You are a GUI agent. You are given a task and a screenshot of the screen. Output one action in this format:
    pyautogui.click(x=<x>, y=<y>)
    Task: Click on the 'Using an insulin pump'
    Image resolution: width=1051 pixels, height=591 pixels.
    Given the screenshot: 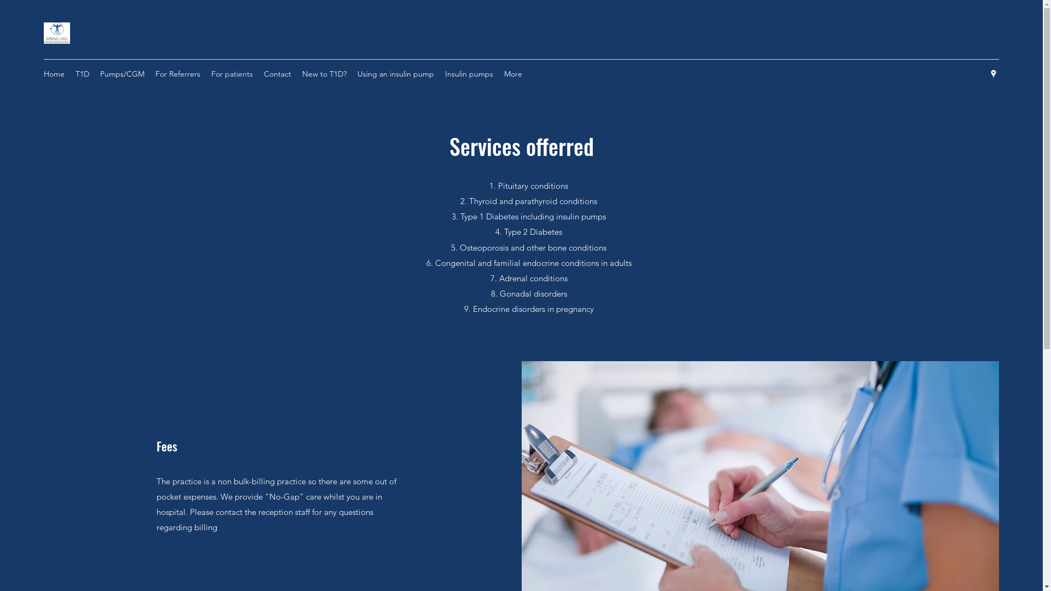 What is the action you would take?
    pyautogui.click(x=395, y=74)
    